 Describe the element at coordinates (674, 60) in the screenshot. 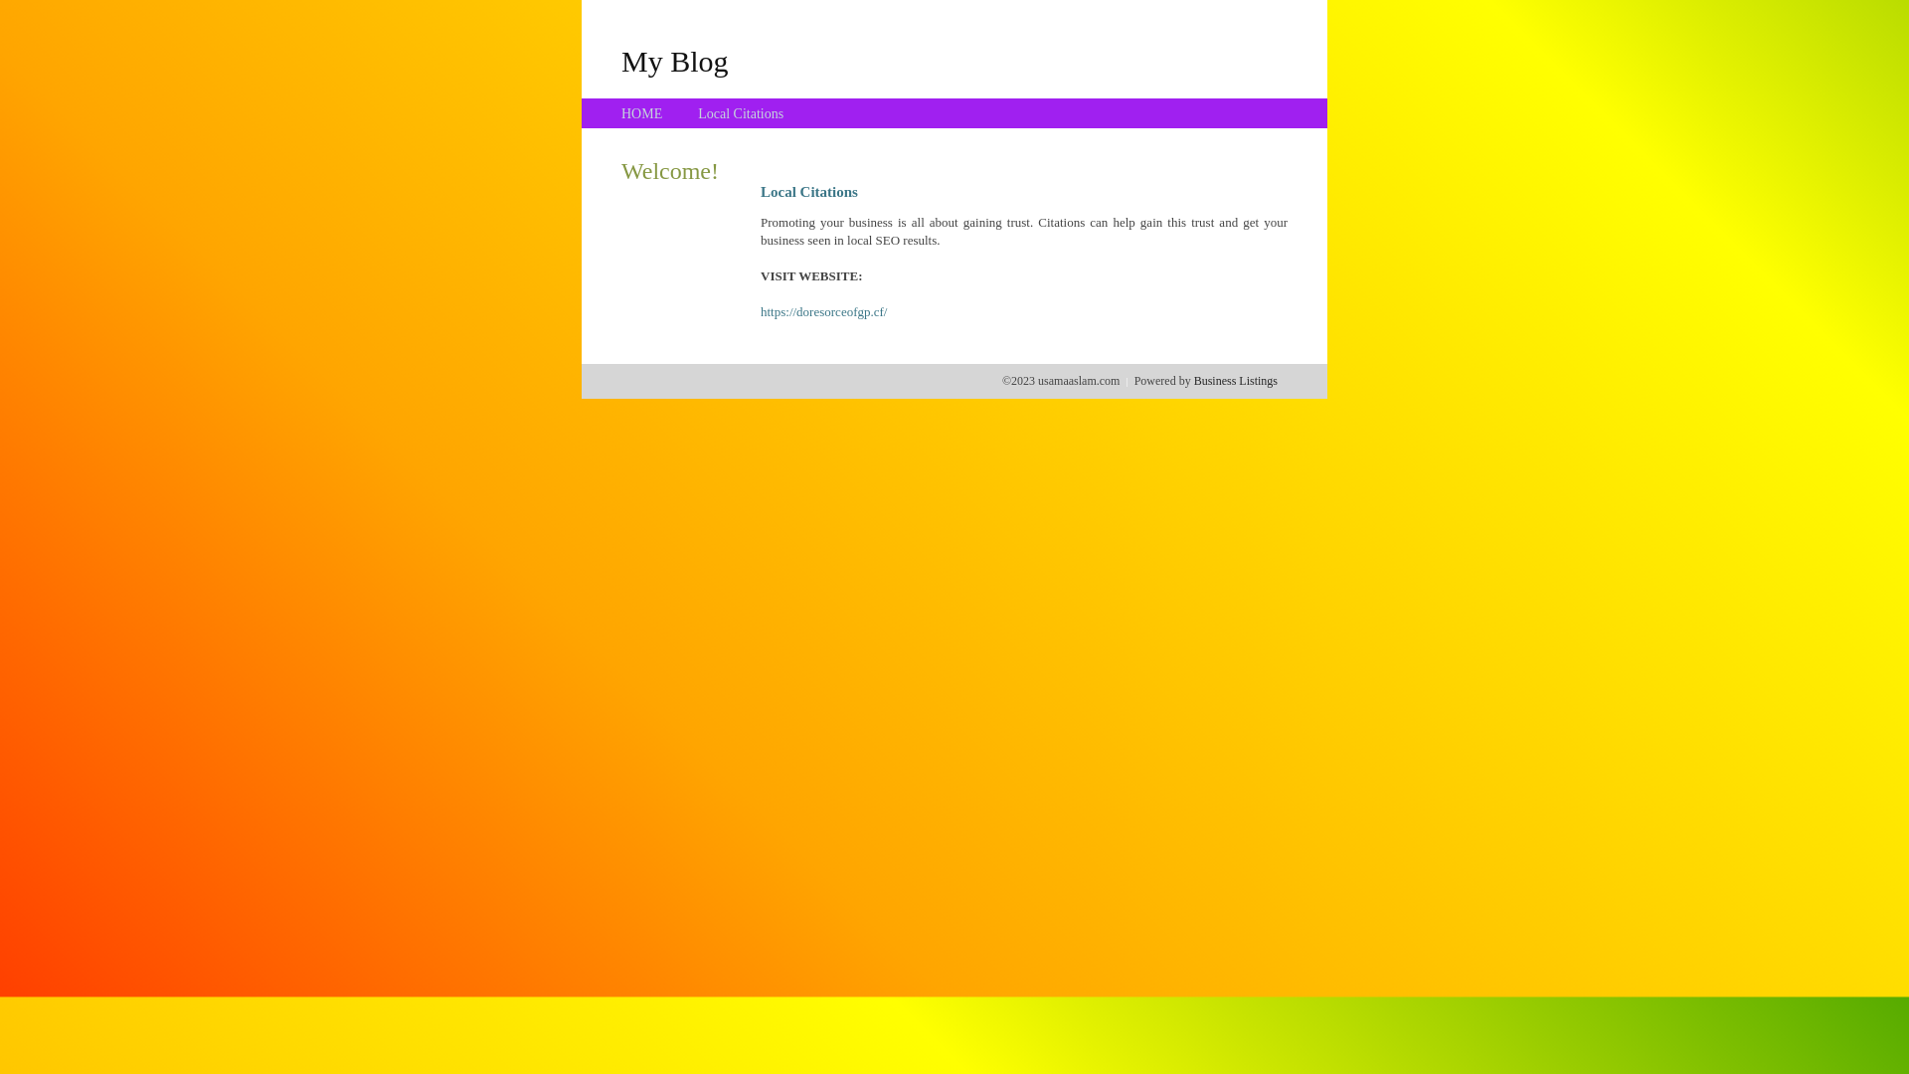

I see `'My Blog'` at that location.